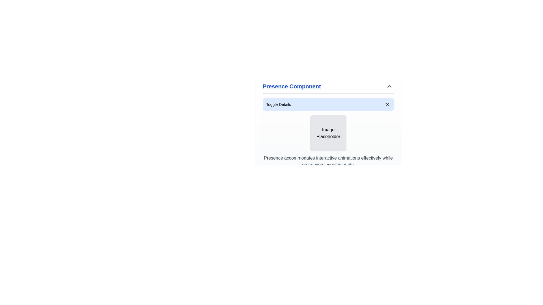 The height and width of the screenshot is (305, 543). I want to click on text block displaying the phrase: 'Presence accommodates interactive animations effectively while preserving layout integrity.' which is styled with centered alignment and gray text color, positioned below a placeholder image, so click(328, 161).